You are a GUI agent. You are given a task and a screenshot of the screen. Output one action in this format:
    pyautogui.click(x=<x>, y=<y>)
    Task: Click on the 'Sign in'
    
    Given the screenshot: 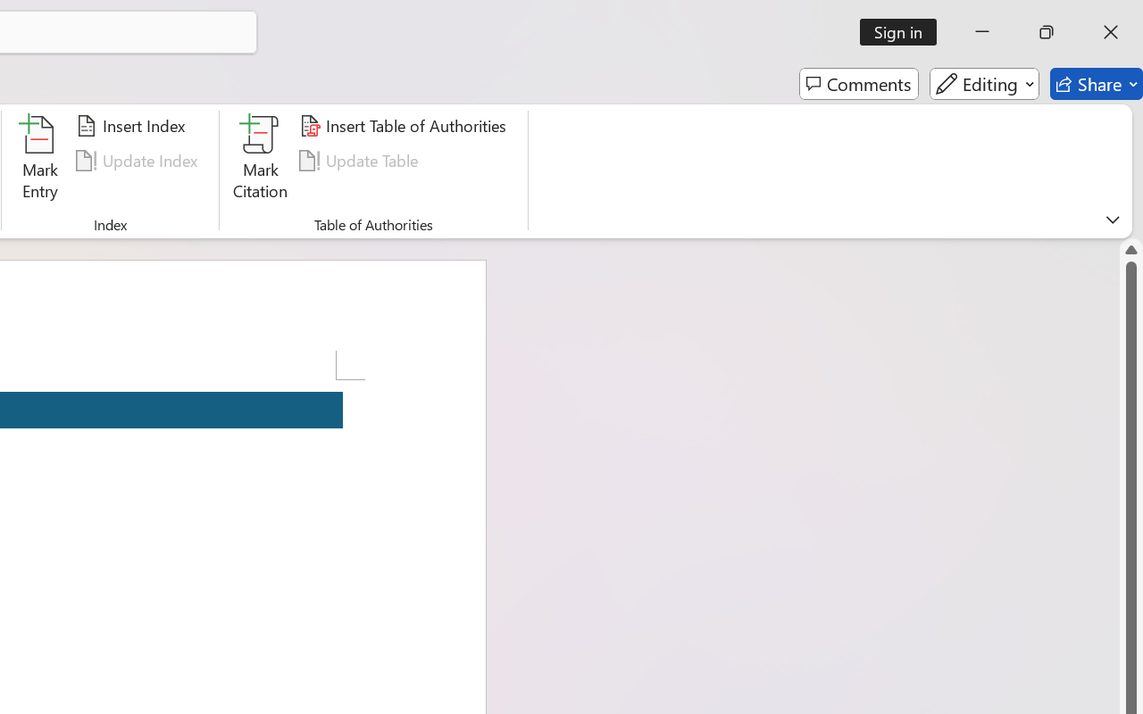 What is the action you would take?
    pyautogui.click(x=905, y=31)
    